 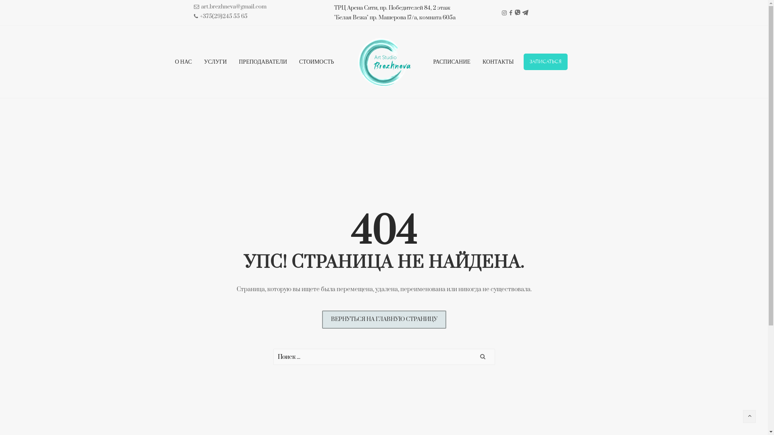 What do you see at coordinates (221, 17) in the screenshot?
I see `'+375(29)245 55 65'` at bounding box center [221, 17].